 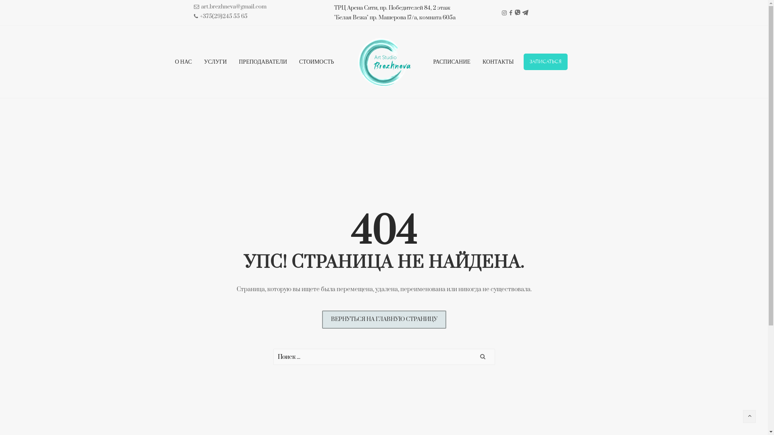 What do you see at coordinates (221, 17) in the screenshot?
I see `'+375(29)245 55 65'` at bounding box center [221, 17].